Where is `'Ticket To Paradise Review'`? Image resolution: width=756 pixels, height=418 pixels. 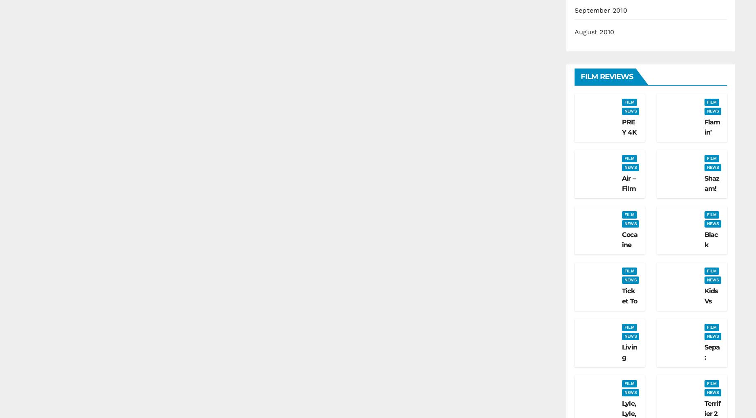
'Ticket To Paradise Review' is located at coordinates (629, 316).